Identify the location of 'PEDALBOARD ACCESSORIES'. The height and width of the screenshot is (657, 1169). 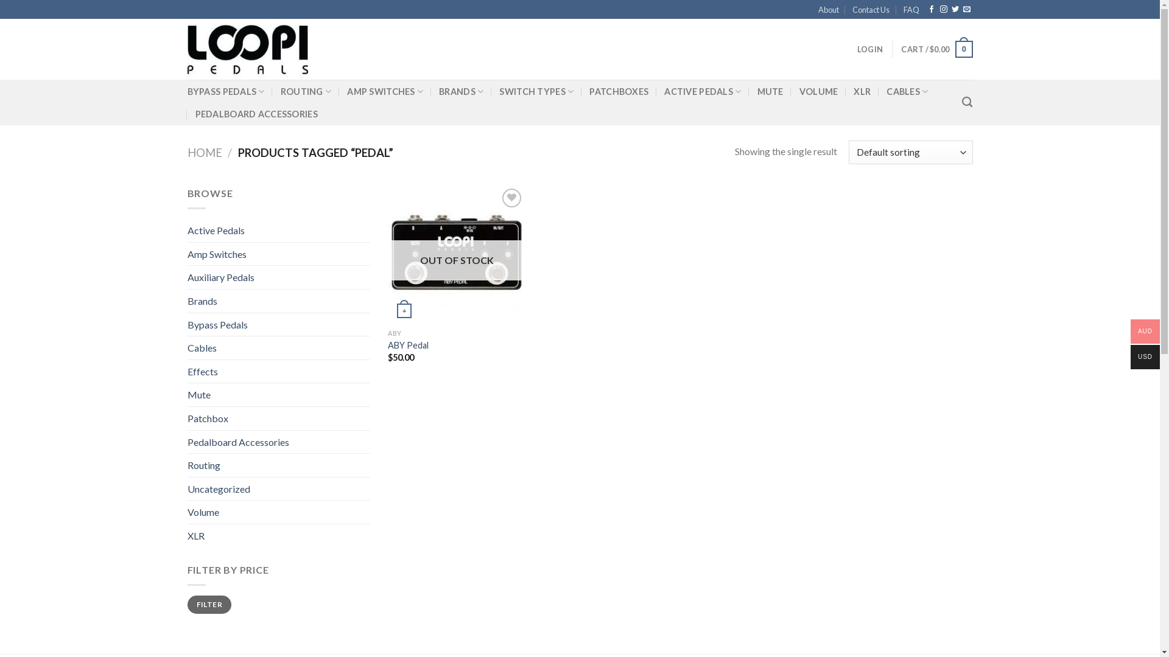
(255, 114).